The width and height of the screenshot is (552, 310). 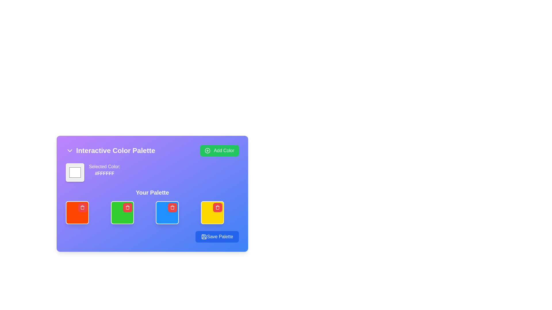 What do you see at coordinates (217, 207) in the screenshot?
I see `the trash can icon with a red background representing delete action` at bounding box center [217, 207].